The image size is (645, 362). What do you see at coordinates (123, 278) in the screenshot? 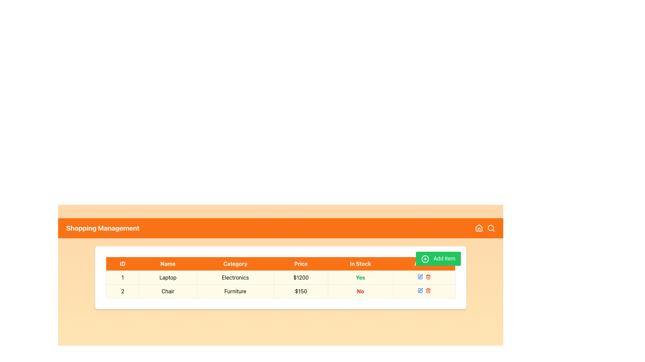
I see `the text label in the 'ID' column of the table, which is the first cell and serves as an identifier for the first entry` at bounding box center [123, 278].